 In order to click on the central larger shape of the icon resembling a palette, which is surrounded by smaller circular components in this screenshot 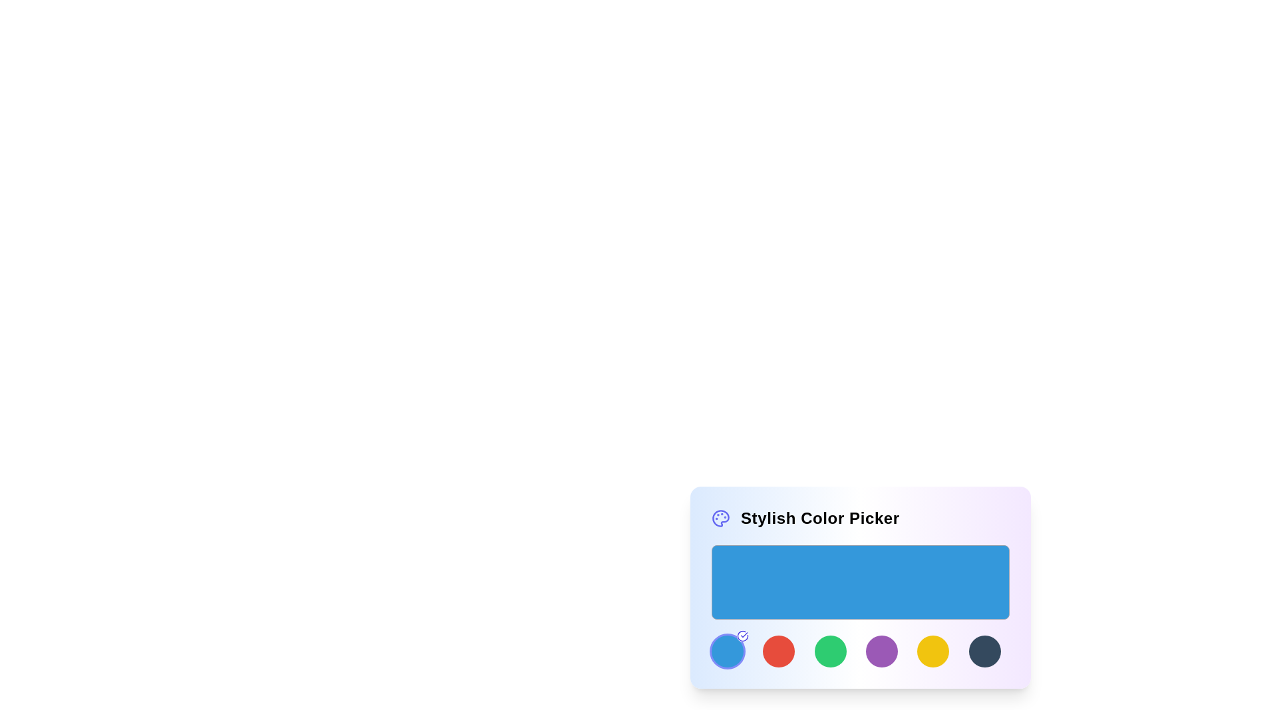, I will do `click(720, 517)`.